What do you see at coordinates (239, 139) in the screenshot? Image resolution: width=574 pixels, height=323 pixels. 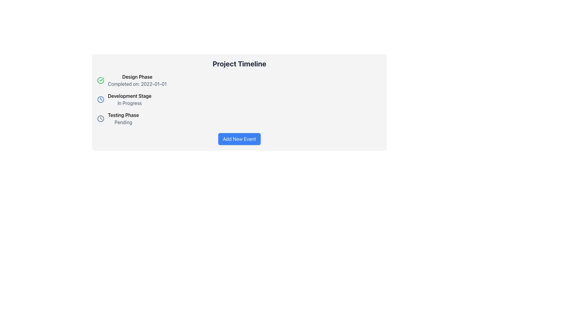 I see `the button used to add a new event to the timeline, located at the bottom center of the 'Project Timeline' section, to change its appearance` at bounding box center [239, 139].